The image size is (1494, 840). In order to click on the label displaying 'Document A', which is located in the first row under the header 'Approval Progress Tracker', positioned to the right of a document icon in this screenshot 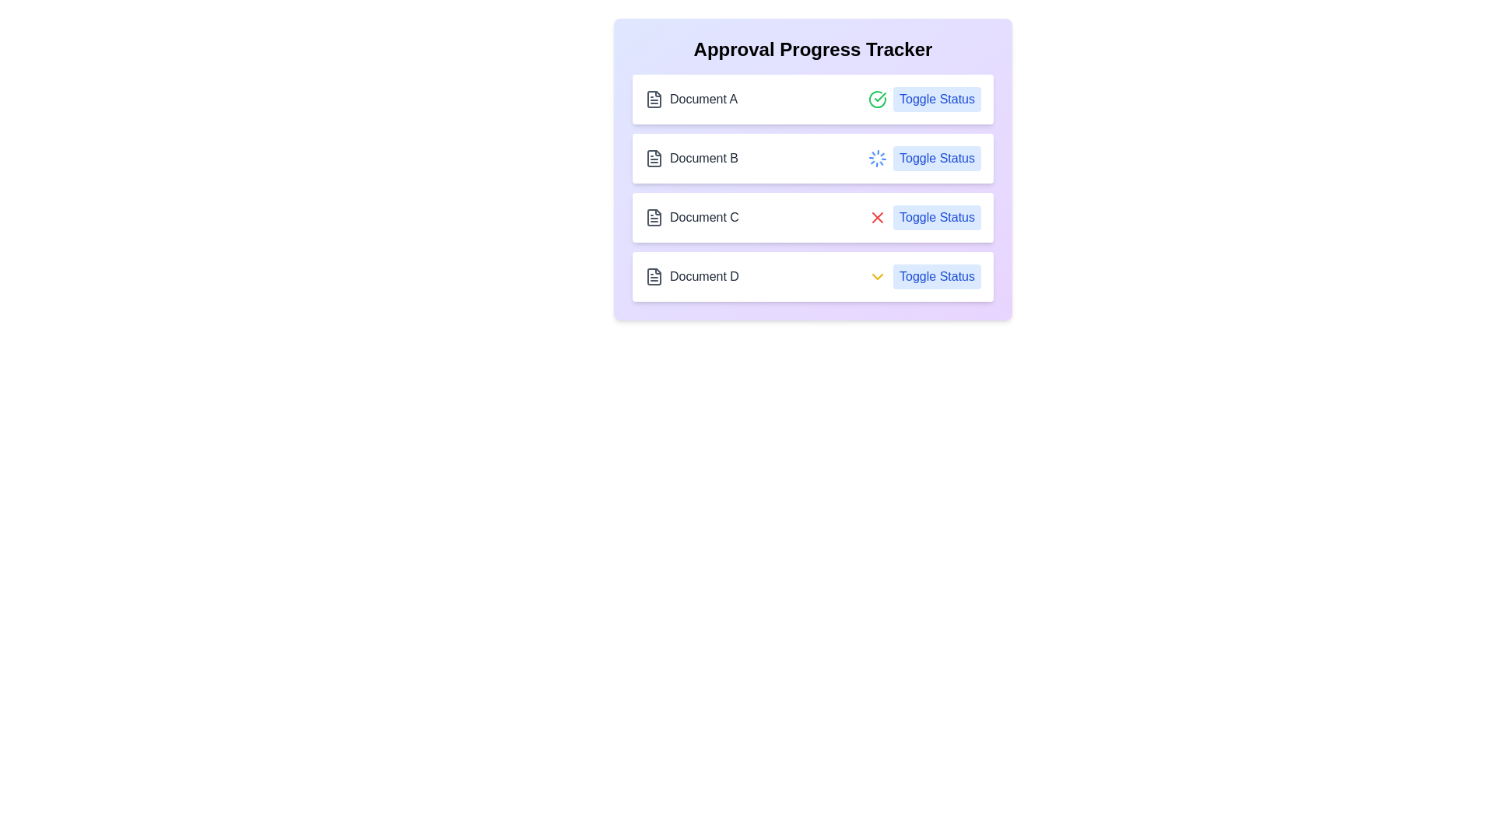, I will do `click(703, 99)`.